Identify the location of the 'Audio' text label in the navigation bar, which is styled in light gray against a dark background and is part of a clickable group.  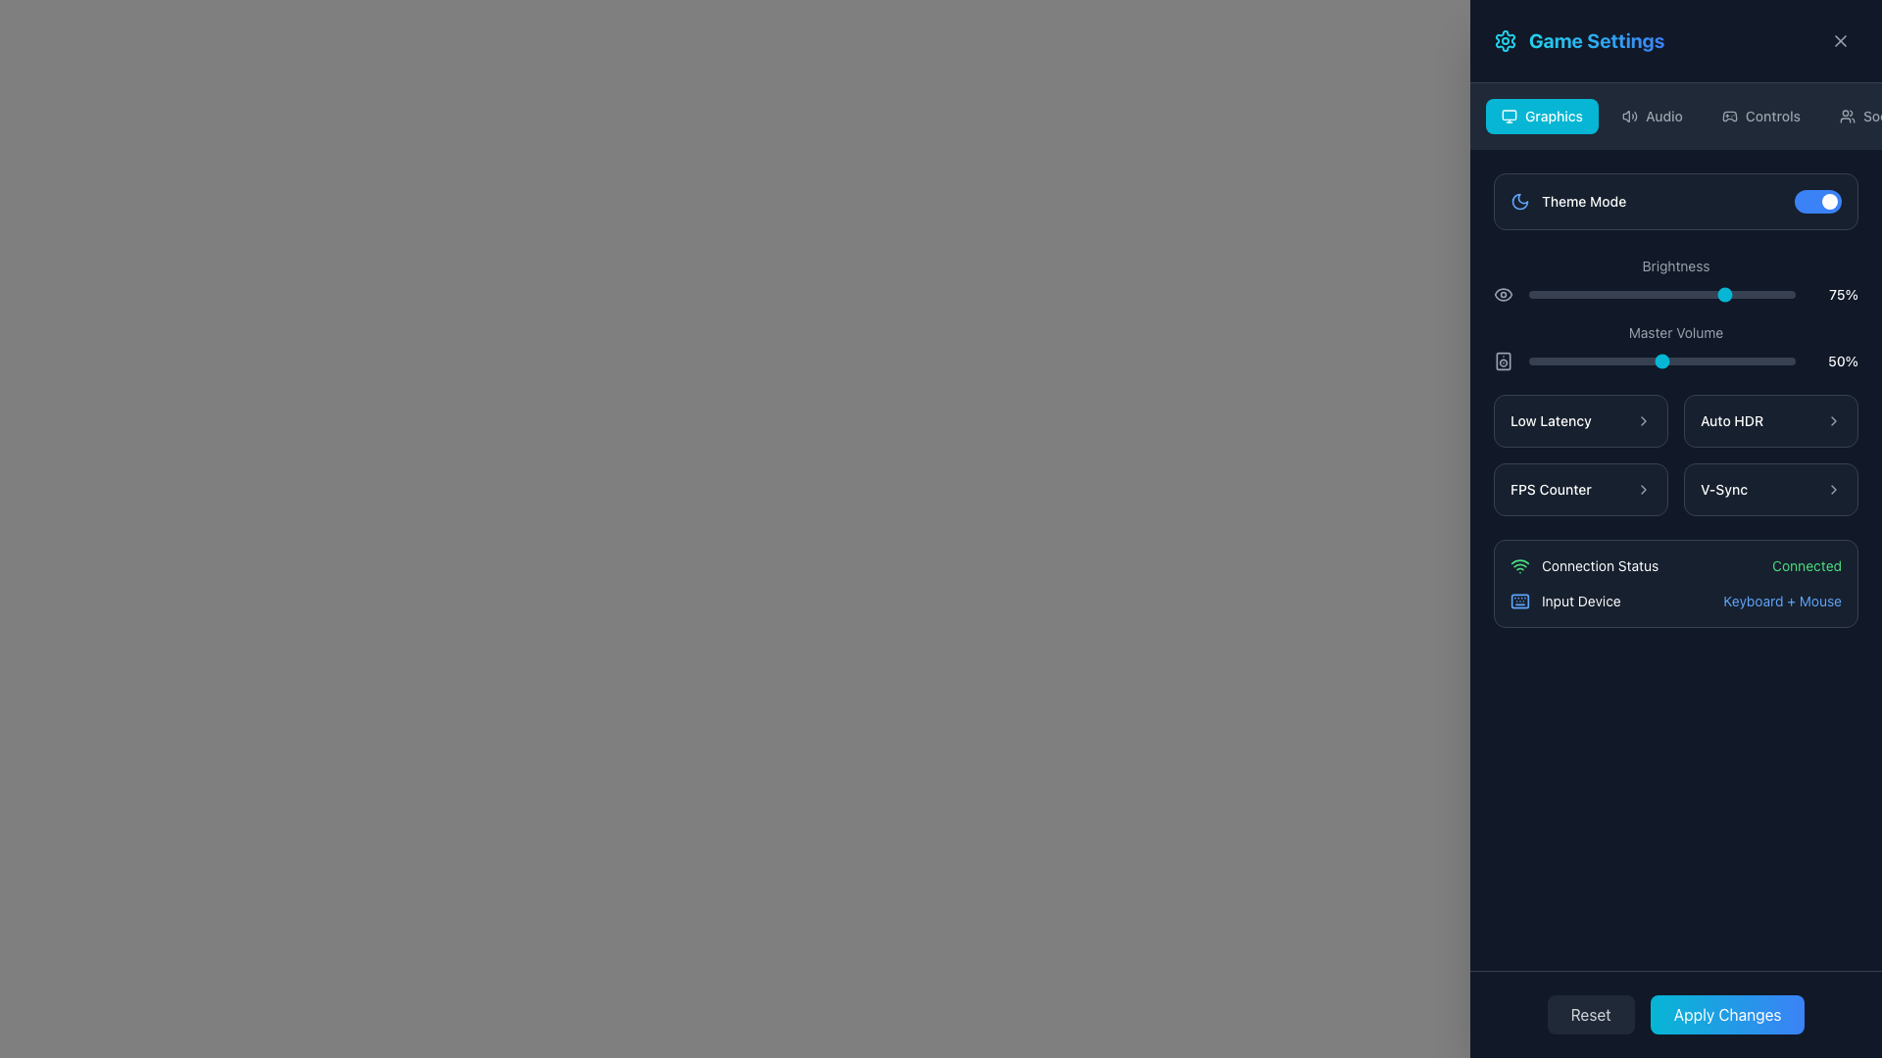
(1662, 117).